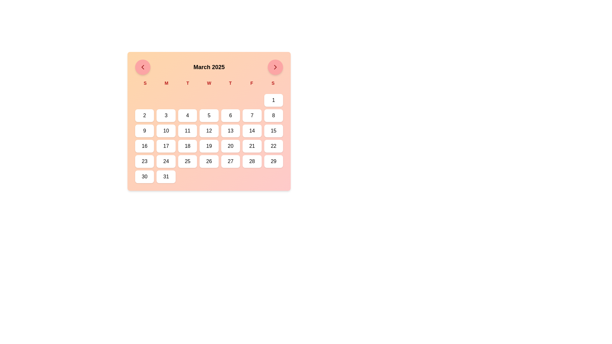 This screenshot has height=344, width=612. Describe the element at coordinates (187, 83) in the screenshot. I see `the Text Label displaying the letter 'T' in a bold red font, which is centrally aligned in the grid under the Tuesday column` at that location.